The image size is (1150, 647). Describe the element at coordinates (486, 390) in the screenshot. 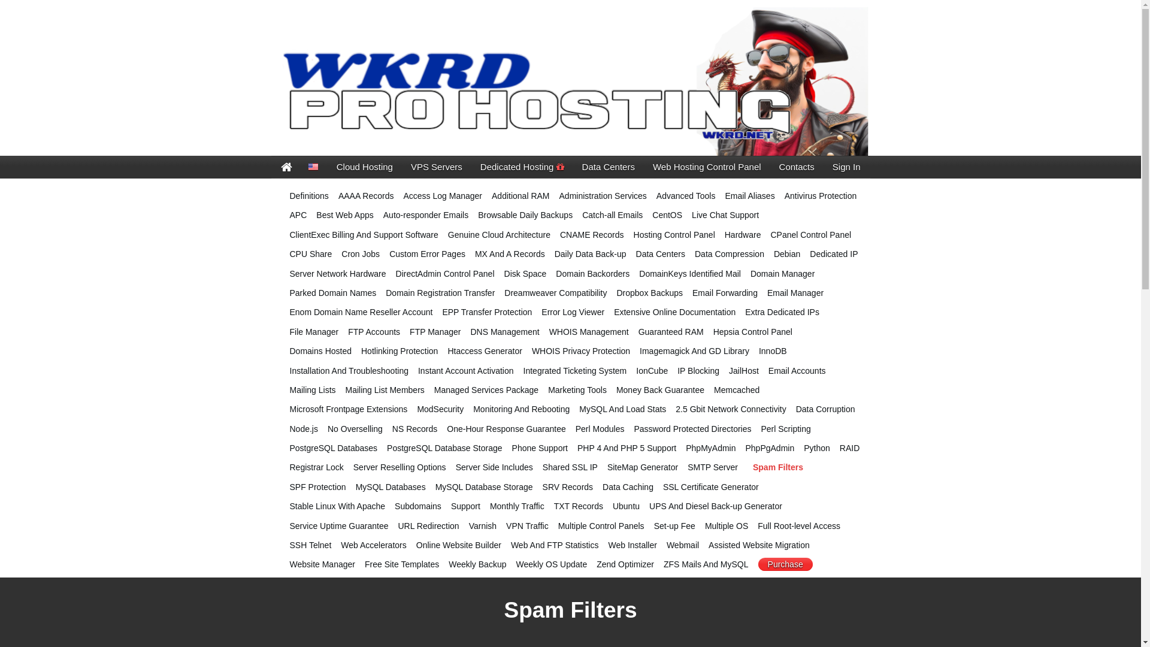

I see `'Managed Services Package'` at that location.